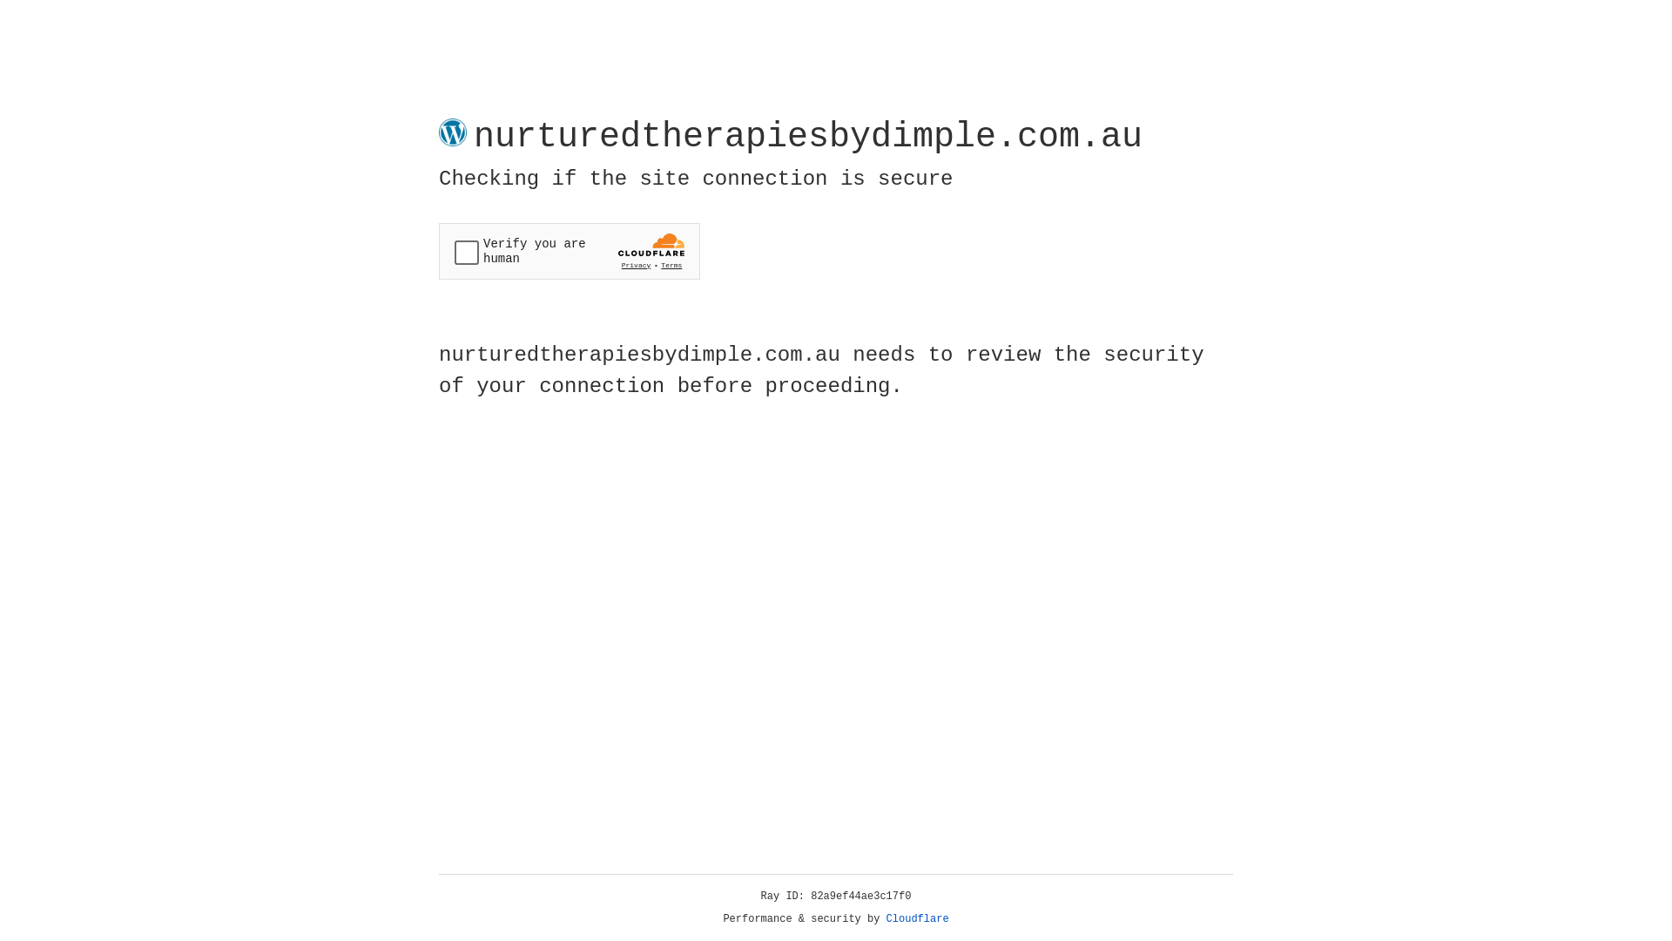 Image resolution: width=1672 pixels, height=941 pixels. Describe the element at coordinates (917, 918) in the screenshot. I see `'Cloudflare'` at that location.